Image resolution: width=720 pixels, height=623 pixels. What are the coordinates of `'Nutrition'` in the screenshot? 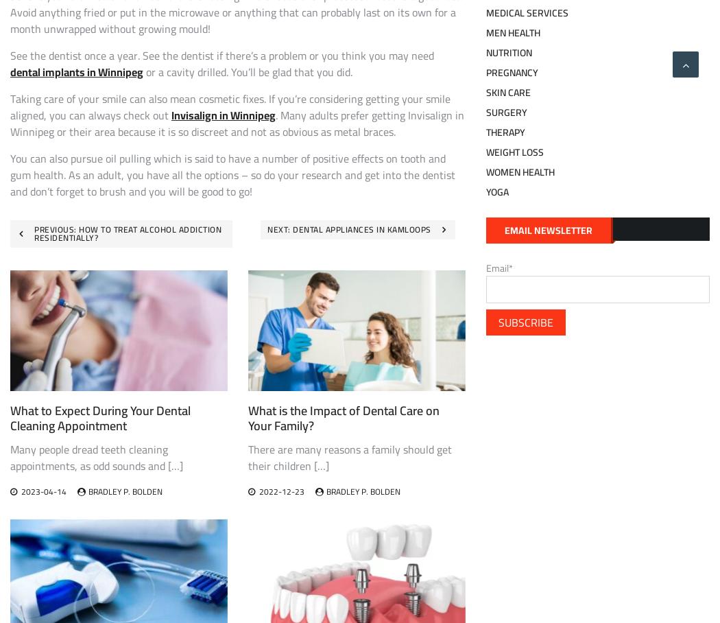 It's located at (507, 51).